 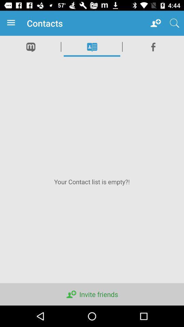 I want to click on app to the right of contacts icon, so click(x=156, y=23).